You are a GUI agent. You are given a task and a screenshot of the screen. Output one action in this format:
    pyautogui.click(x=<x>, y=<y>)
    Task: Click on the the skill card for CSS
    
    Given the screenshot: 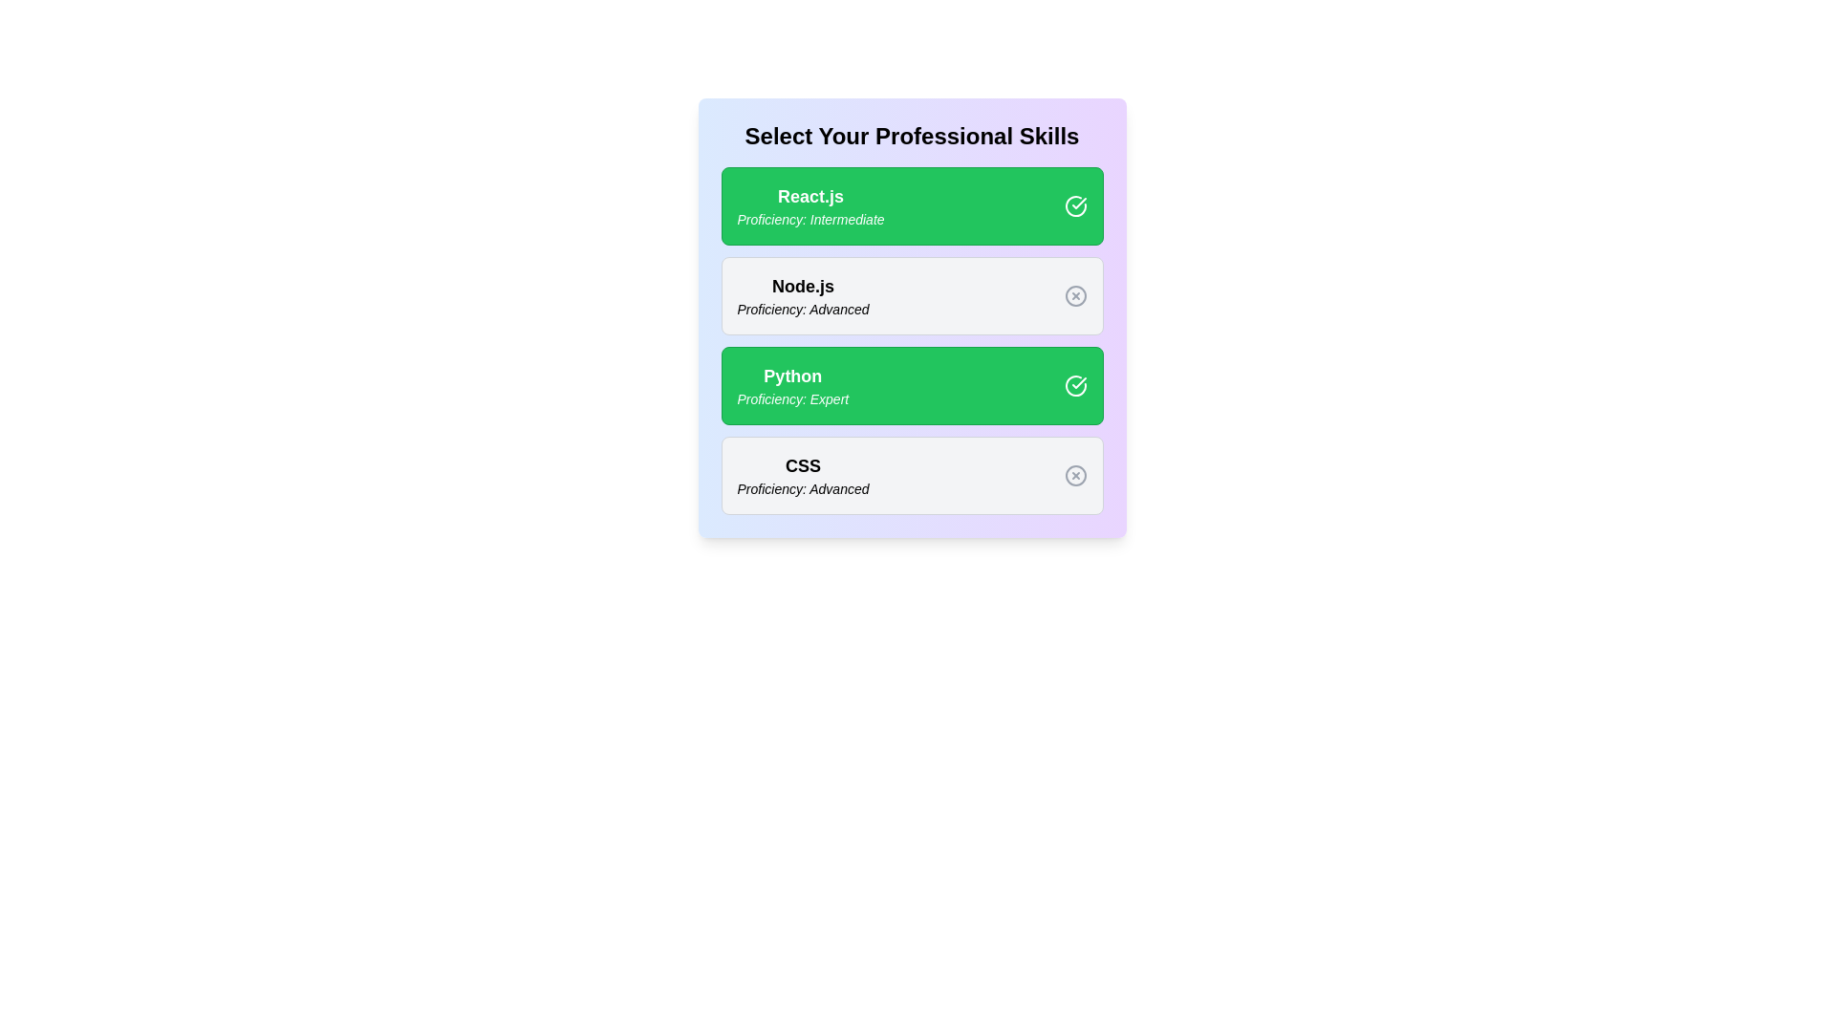 What is the action you would take?
    pyautogui.click(x=911, y=474)
    